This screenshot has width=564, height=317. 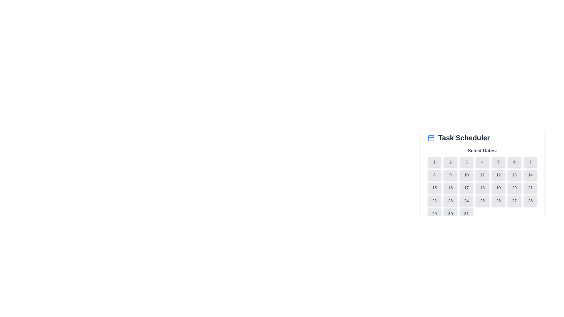 What do you see at coordinates (530, 175) in the screenshot?
I see `the button representing the 14th day in the calendar interface` at bounding box center [530, 175].